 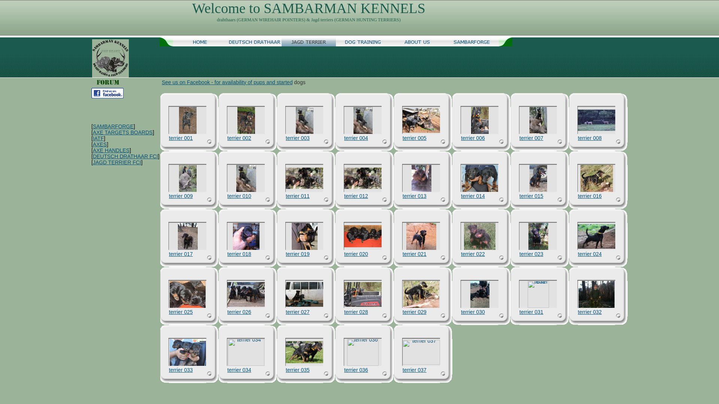 I want to click on 'terrier 018', so click(x=246, y=236).